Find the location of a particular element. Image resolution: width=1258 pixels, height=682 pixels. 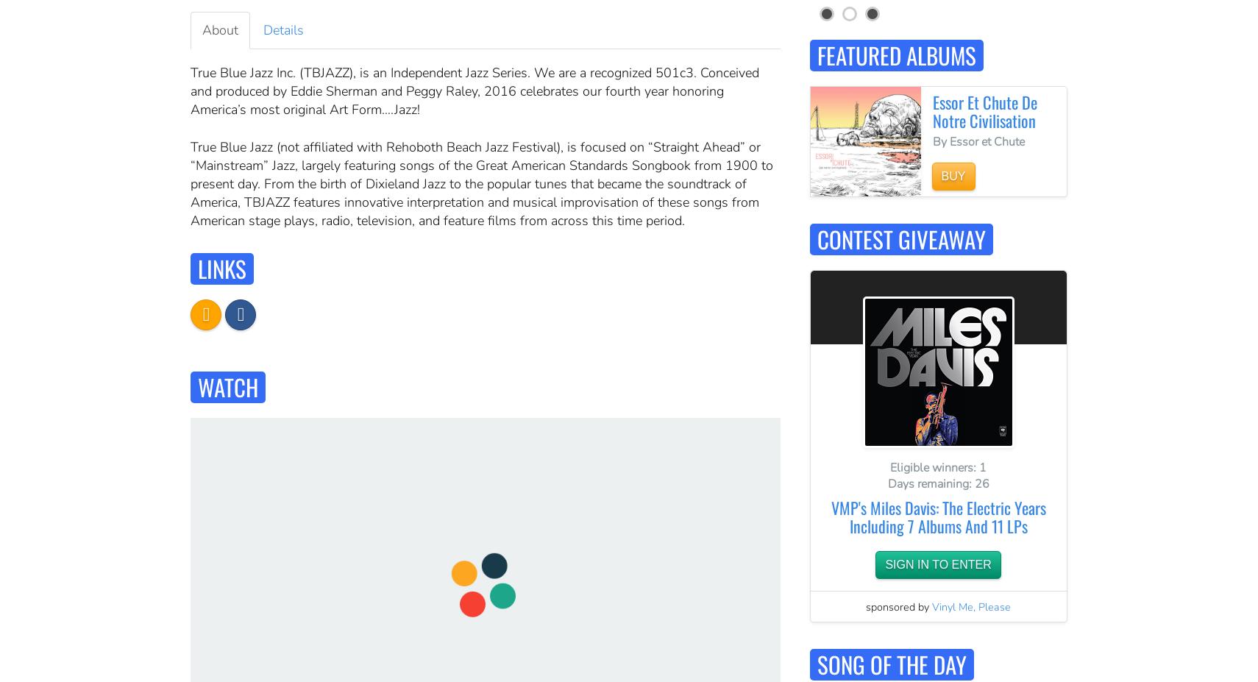

'Days remaining: 26' is located at coordinates (937, 483).